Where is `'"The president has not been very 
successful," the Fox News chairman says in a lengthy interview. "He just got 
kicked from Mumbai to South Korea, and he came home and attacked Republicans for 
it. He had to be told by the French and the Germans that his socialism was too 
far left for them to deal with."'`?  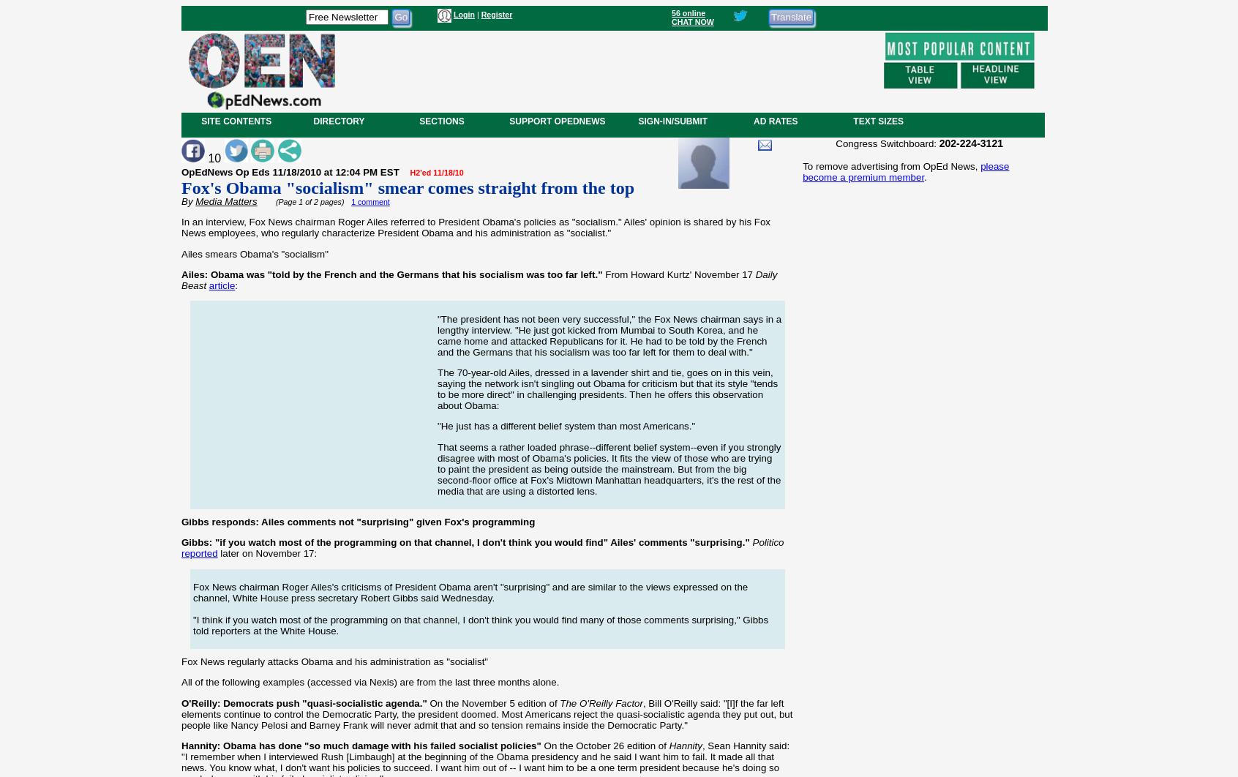 '"The president has not been very 
successful," the Fox News chairman says in a lengthy interview. "He just got 
kicked from Mumbai to South Korea, and he came home and attacked Republicans for 
it. He had to be told by the French and the Germans that his socialism was too 
far left for them to deal with."' is located at coordinates (609, 334).